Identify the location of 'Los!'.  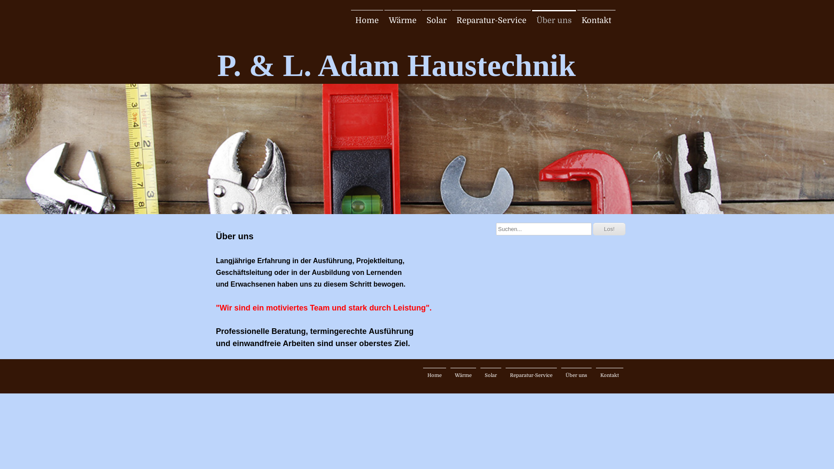
(592, 228).